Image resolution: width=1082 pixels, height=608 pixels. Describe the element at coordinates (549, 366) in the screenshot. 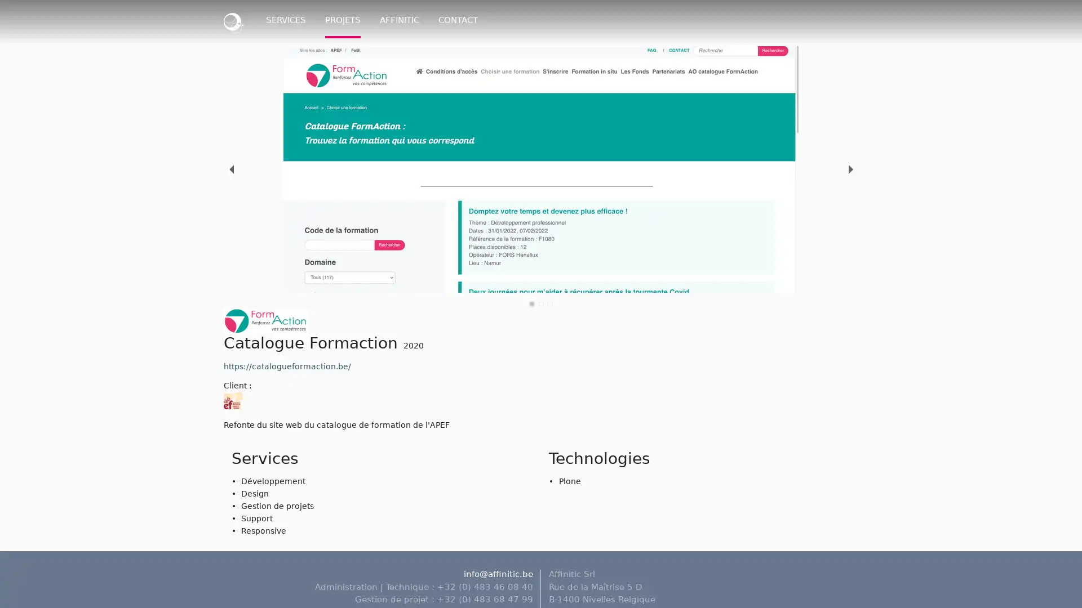

I see `slide item 3` at that location.